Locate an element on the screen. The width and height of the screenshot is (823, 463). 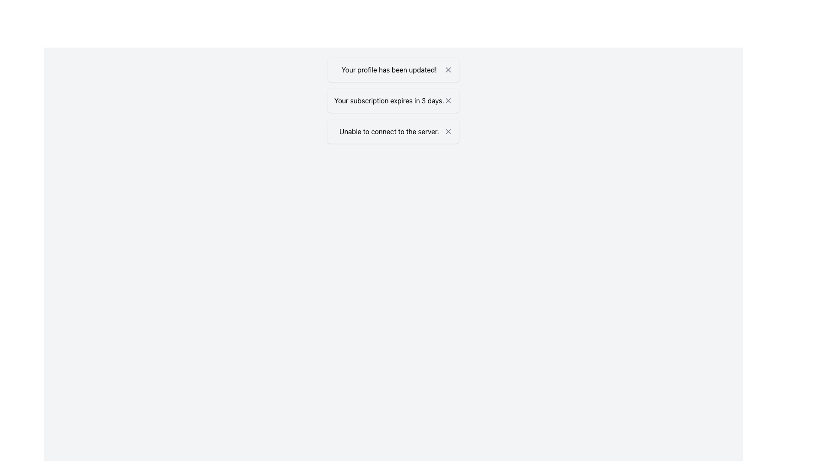
the 'X' button in the notification box that closes the message 'Your subscription expires in 3 days.' is located at coordinates (448, 100).